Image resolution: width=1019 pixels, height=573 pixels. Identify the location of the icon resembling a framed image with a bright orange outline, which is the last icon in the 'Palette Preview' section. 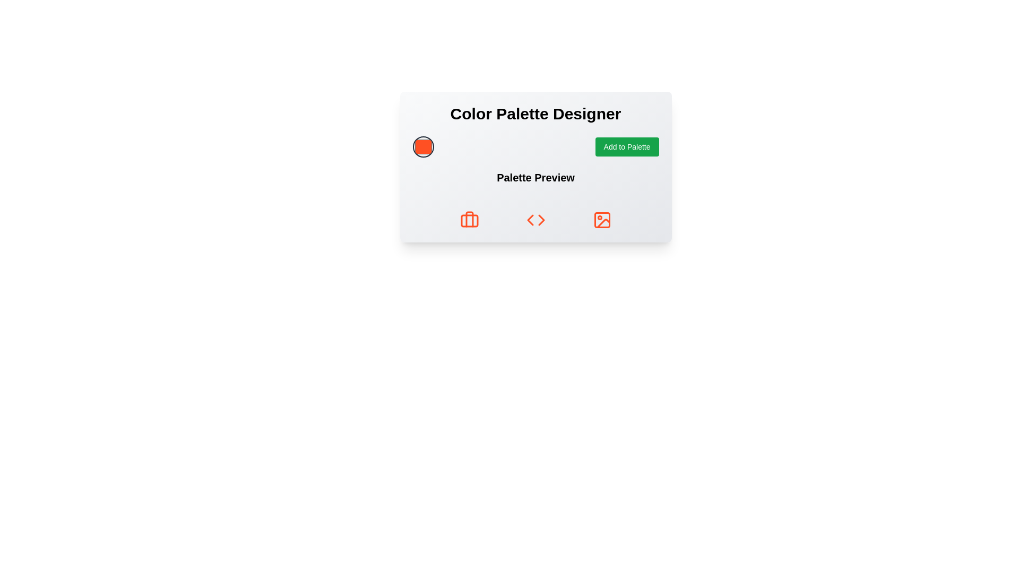
(602, 220).